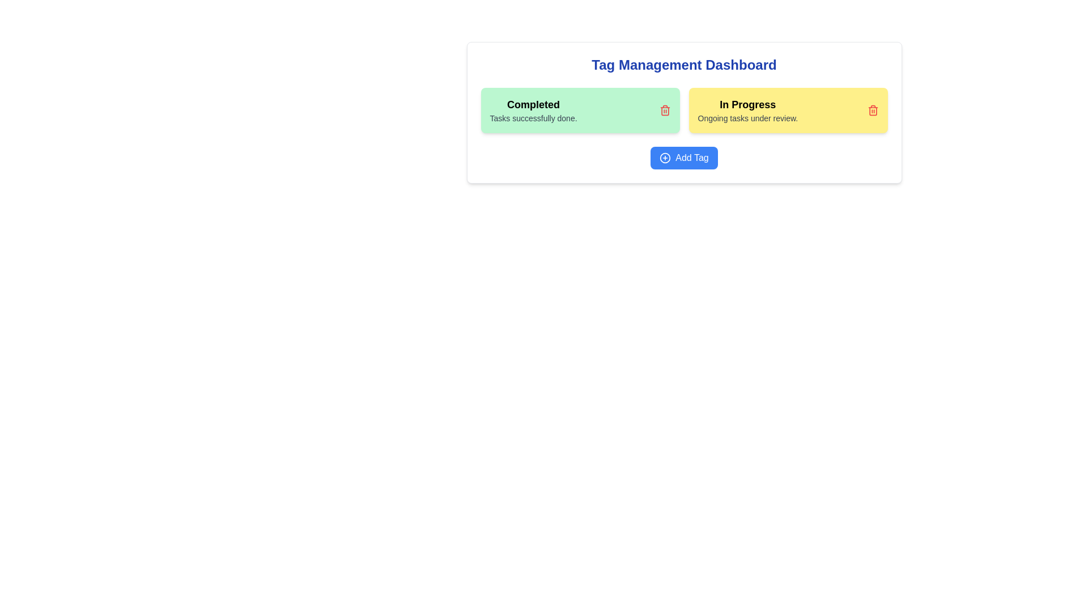 This screenshot has width=1088, height=612. What do you see at coordinates (683, 158) in the screenshot?
I see `the blue 'Add Tag' button with rounded corners, located centrally below the task status grid, to initiate the 'add tag' action` at bounding box center [683, 158].